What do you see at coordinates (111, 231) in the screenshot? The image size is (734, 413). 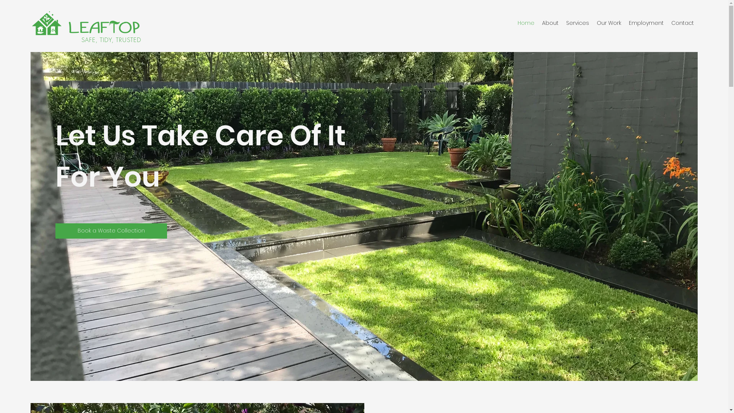 I see `'Book a Waste Collection'` at bounding box center [111, 231].